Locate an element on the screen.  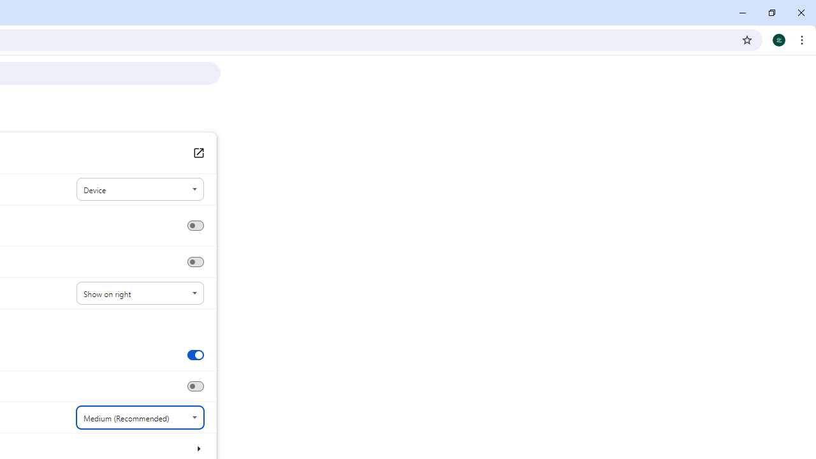
'Side panel position' is located at coordinates (140, 293).